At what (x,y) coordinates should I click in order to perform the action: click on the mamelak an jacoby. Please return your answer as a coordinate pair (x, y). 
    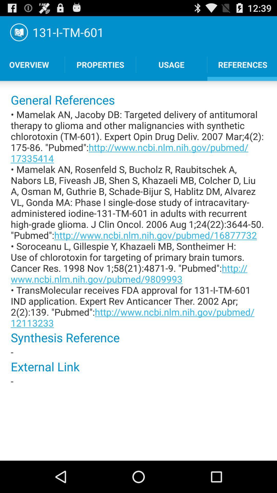
    Looking at the image, I should click on (138, 219).